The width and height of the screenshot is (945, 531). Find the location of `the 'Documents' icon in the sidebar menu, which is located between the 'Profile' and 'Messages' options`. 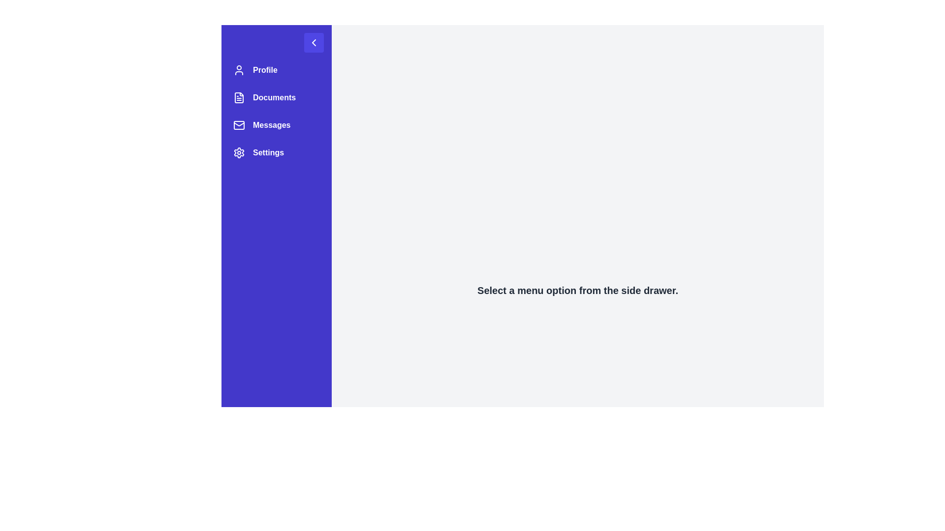

the 'Documents' icon in the sidebar menu, which is located between the 'Profile' and 'Messages' options is located at coordinates (239, 98).